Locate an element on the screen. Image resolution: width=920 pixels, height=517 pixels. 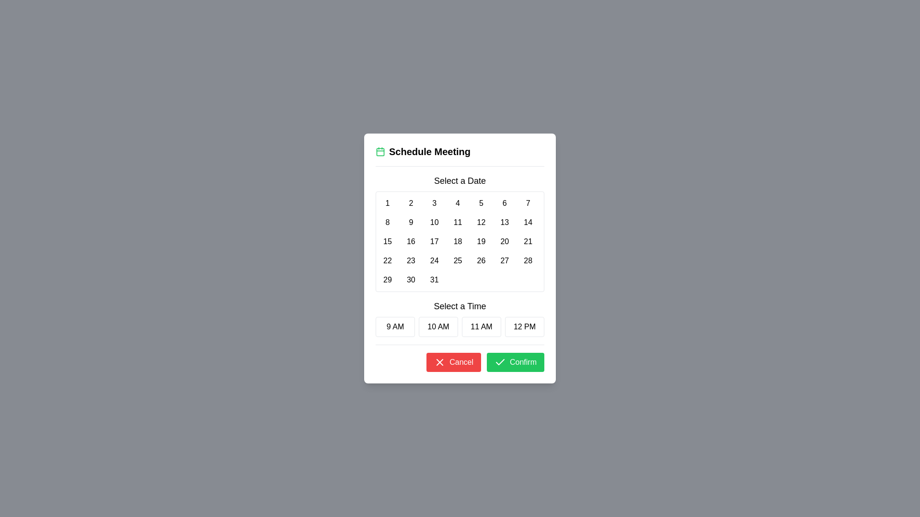
the selectable date '26' on the calendar in the 'Select a Date' section is located at coordinates (481, 260).